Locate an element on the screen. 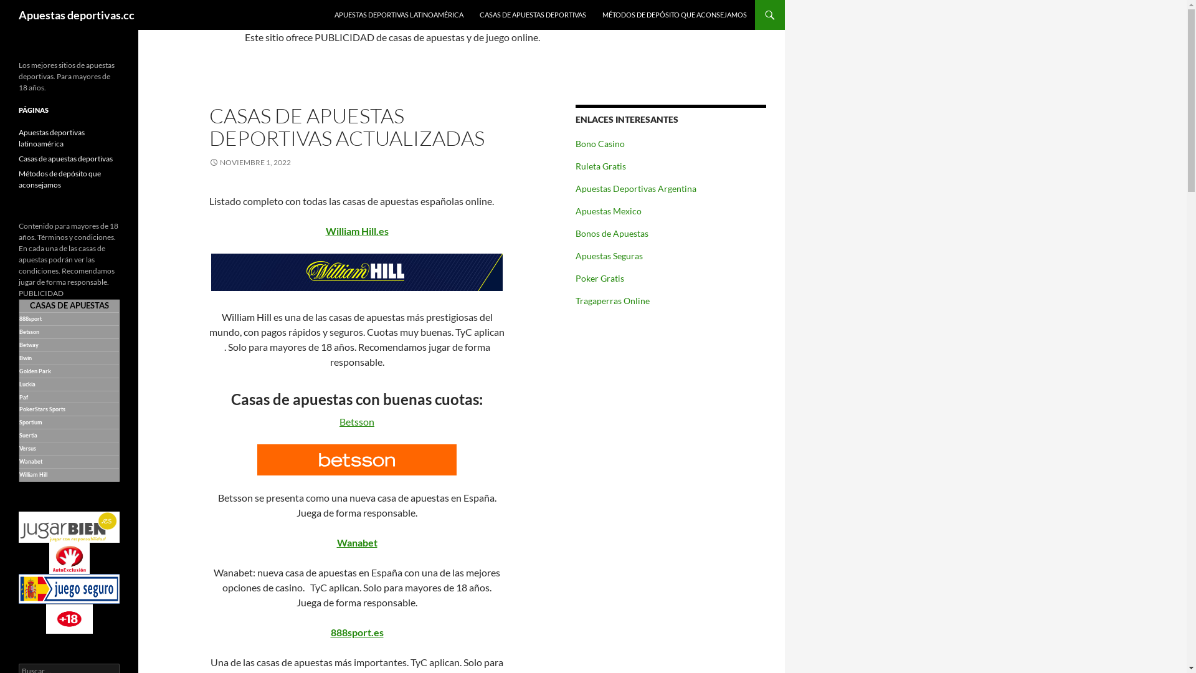  'Bono Casino' is located at coordinates (575, 143).